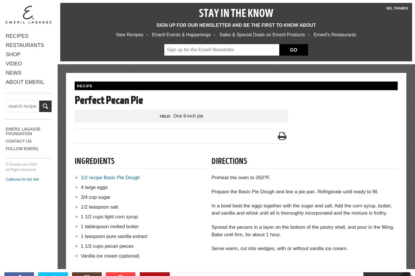 The width and height of the screenshot is (415, 276). I want to click on '1/2 teaspoon salt', so click(99, 206).